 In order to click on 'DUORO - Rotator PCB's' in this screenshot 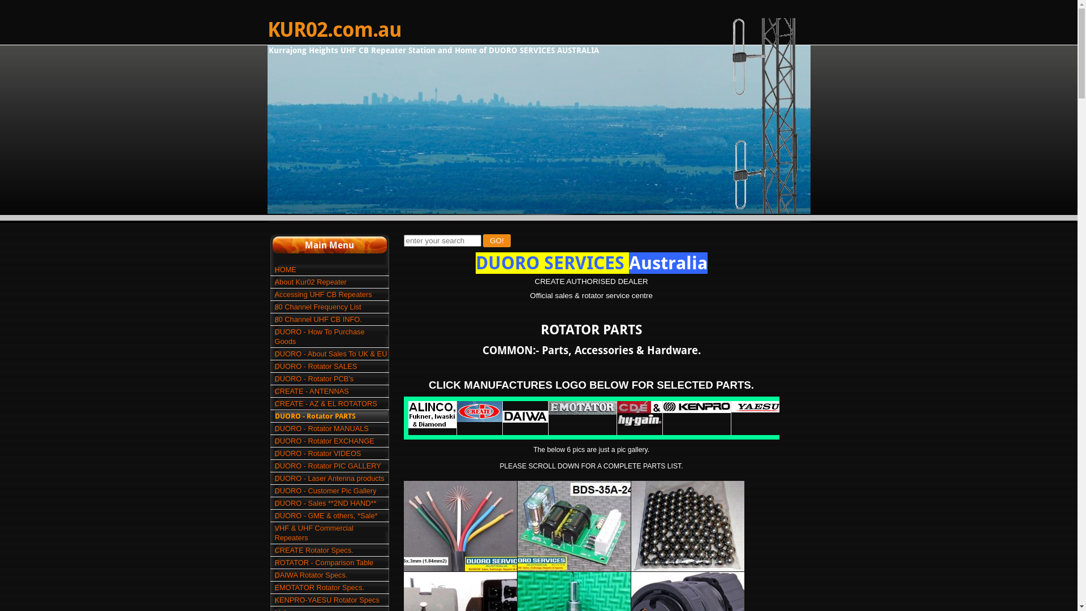, I will do `click(330, 378)`.